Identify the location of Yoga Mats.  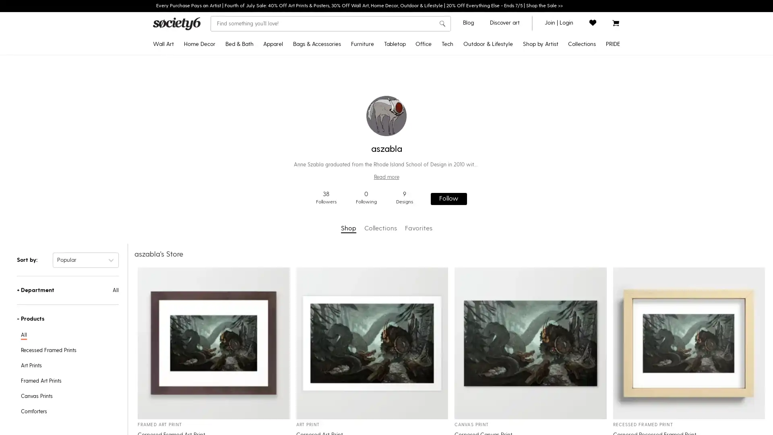
(498, 78).